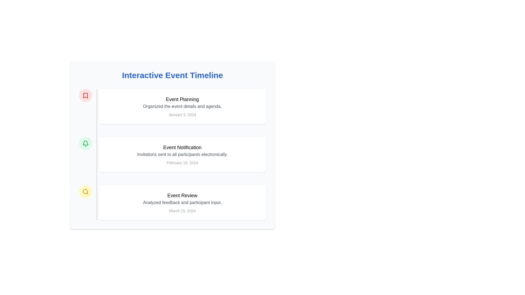 Image resolution: width=525 pixels, height=295 pixels. I want to click on the circular graphical component within the third icon in the sidebar, which represents part of its visual composition, so click(85, 191).